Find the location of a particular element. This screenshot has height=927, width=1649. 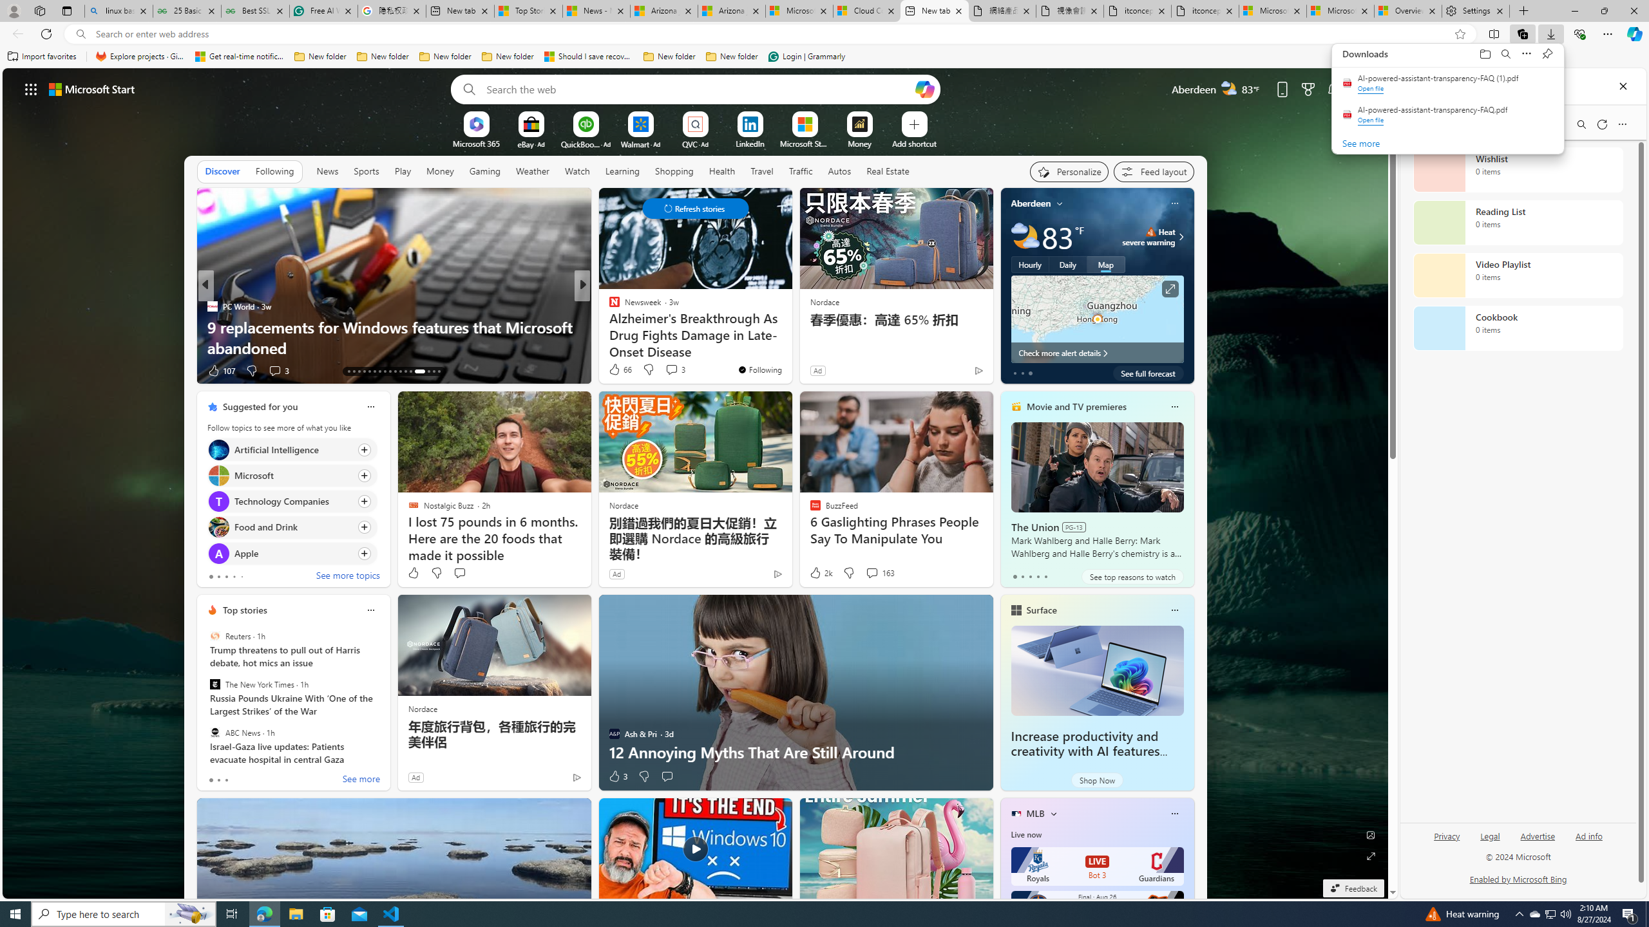

'Autos' is located at coordinates (839, 170).